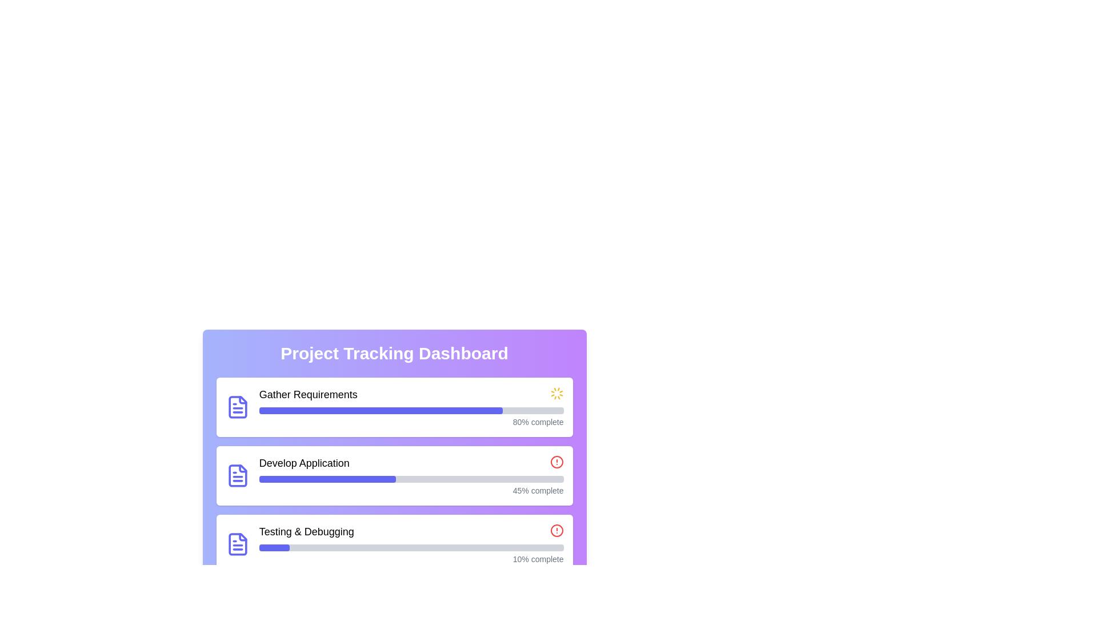 Image resolution: width=1097 pixels, height=617 pixels. What do you see at coordinates (556, 531) in the screenshot?
I see `the alert icon located in the 'Testing & Debugging' section, which is positioned at the rightmost side adjacent to the progress bar's end and the text '10% complete'` at bounding box center [556, 531].